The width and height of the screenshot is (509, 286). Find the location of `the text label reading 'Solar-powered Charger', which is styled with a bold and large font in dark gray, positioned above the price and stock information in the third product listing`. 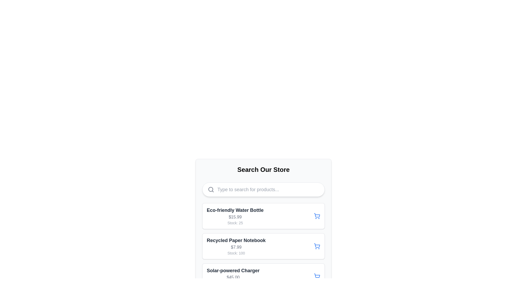

the text label reading 'Solar-powered Charger', which is styled with a bold and large font in dark gray, positioned above the price and stock information in the third product listing is located at coordinates (233, 271).